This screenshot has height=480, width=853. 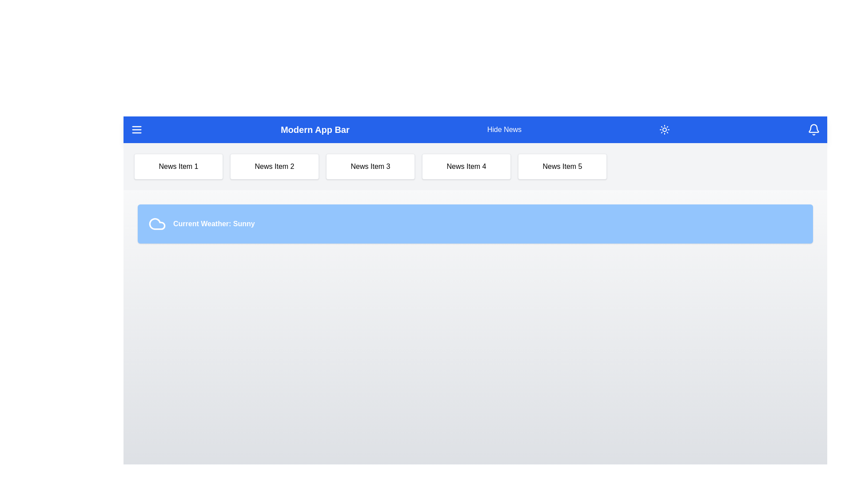 I want to click on the weather icon button to toggle the weather mode, so click(x=665, y=130).